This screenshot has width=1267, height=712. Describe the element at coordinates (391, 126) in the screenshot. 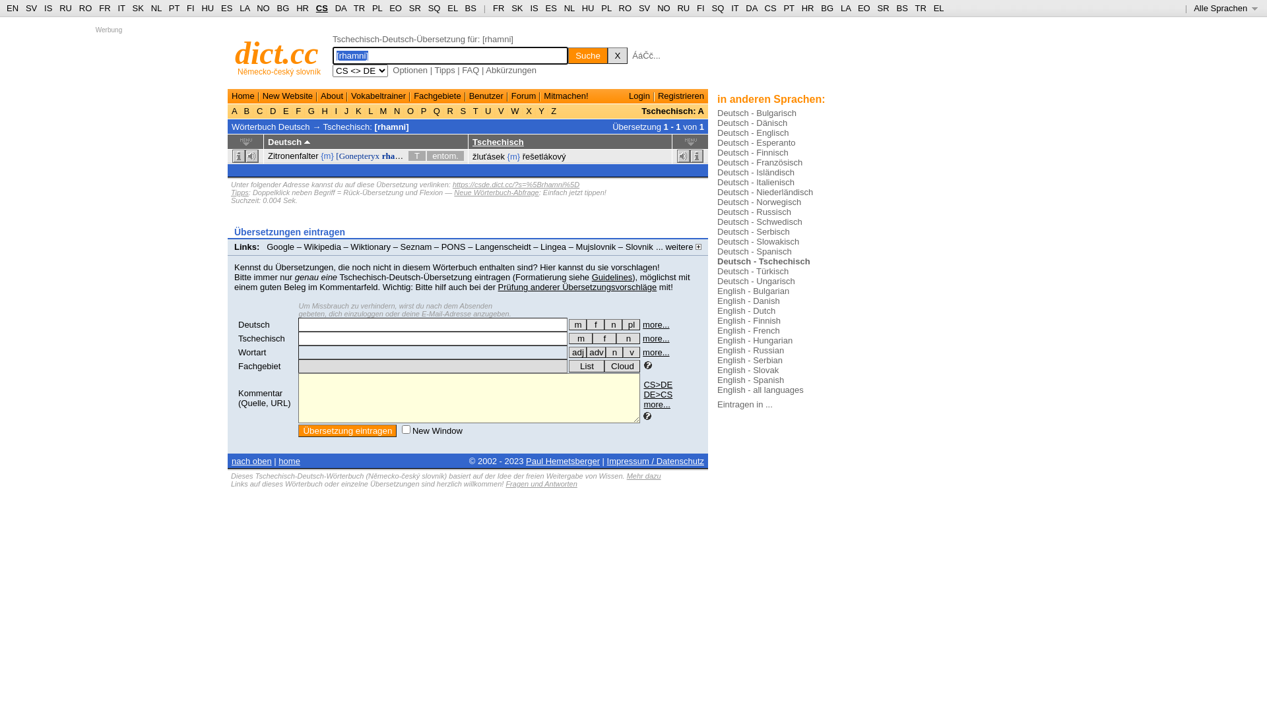

I see `'[rhamni]'` at that location.